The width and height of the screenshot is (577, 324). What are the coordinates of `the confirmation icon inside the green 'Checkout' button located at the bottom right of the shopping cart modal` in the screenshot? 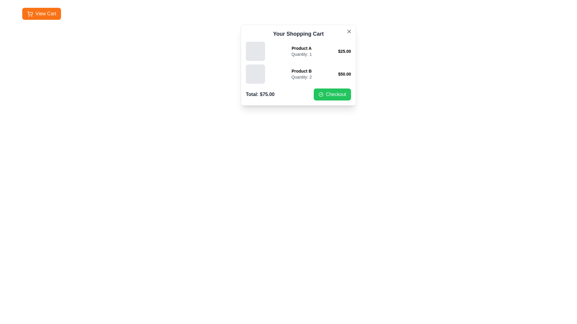 It's located at (321, 94).